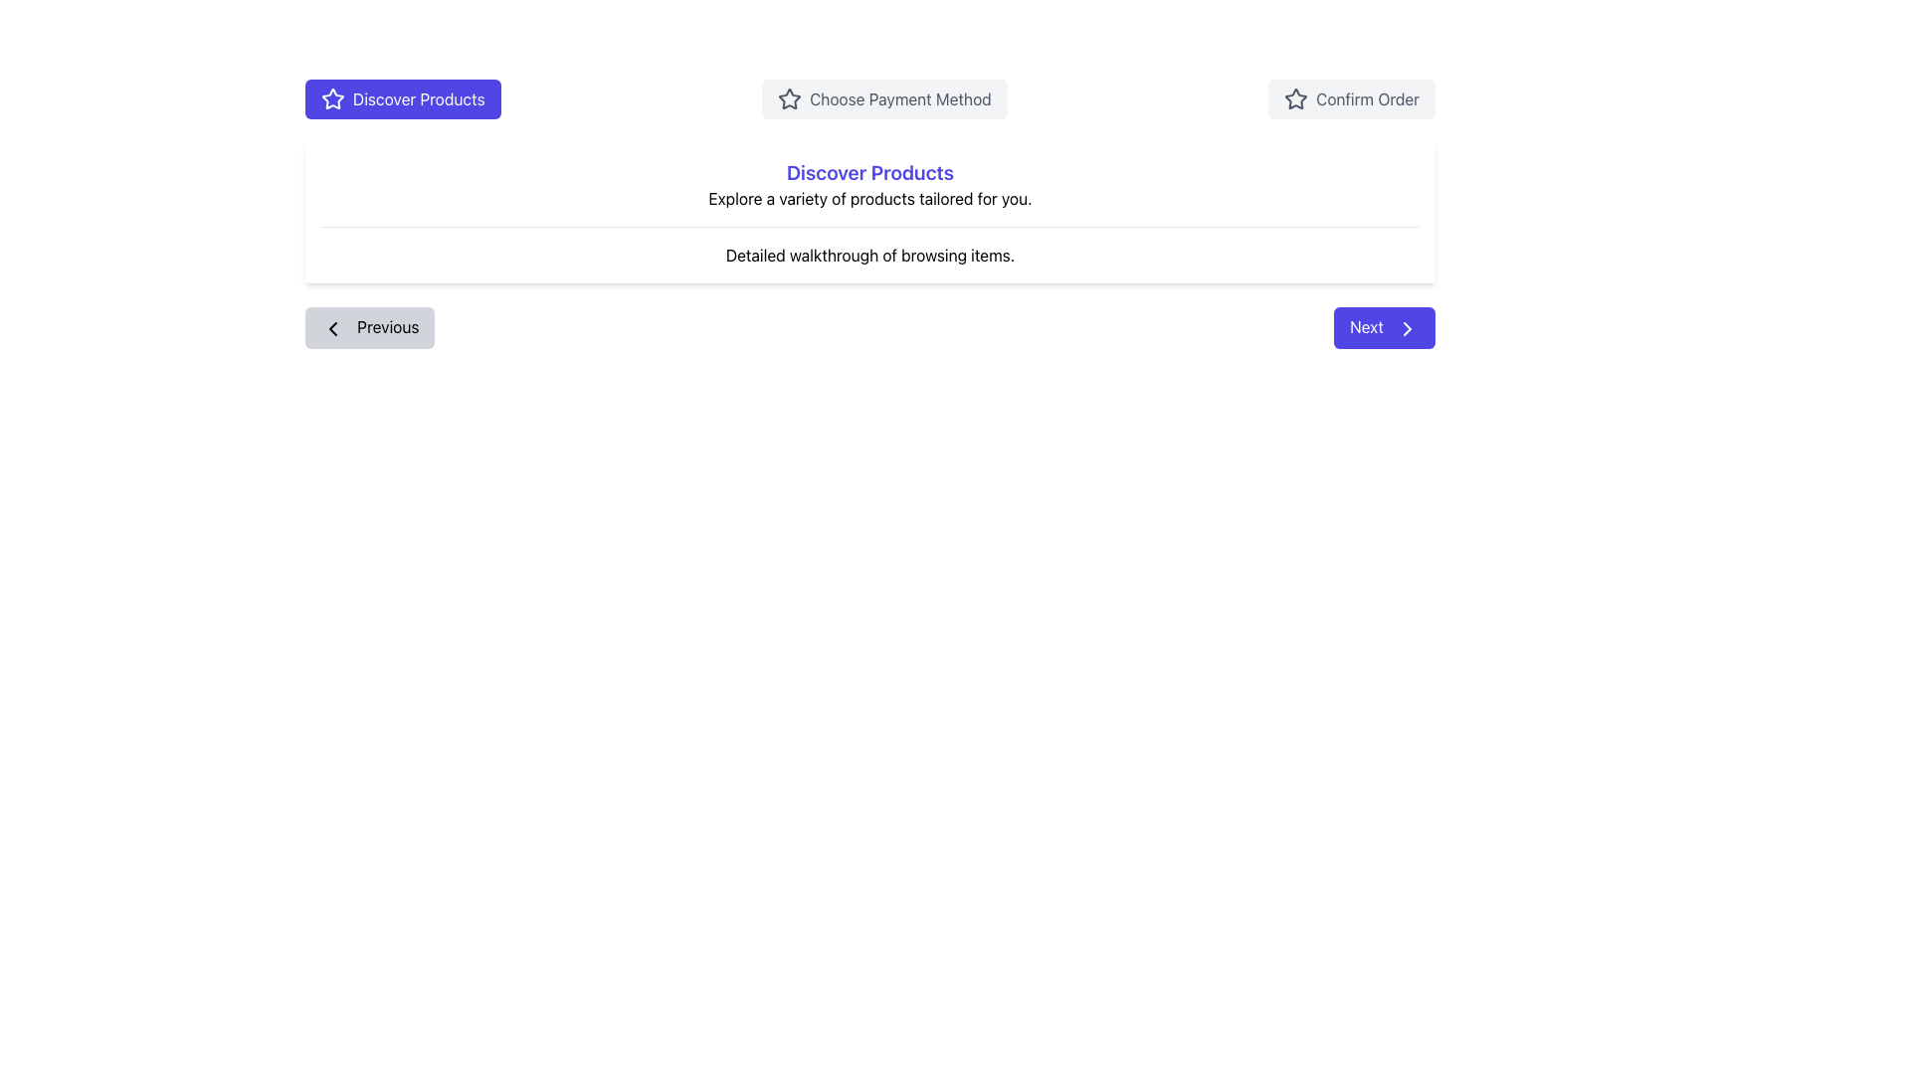 This screenshot has height=1074, width=1910. I want to click on the star icon within the blue 'Discover Products' button, which serves as a decorative feature in the navigation interface, so click(333, 98).